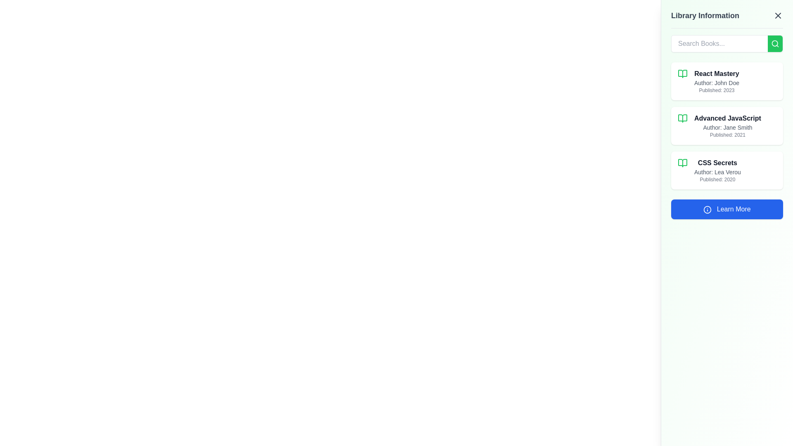  What do you see at coordinates (682, 163) in the screenshot?
I see `the icon representing the book titled 'CSS Secrets'` at bounding box center [682, 163].